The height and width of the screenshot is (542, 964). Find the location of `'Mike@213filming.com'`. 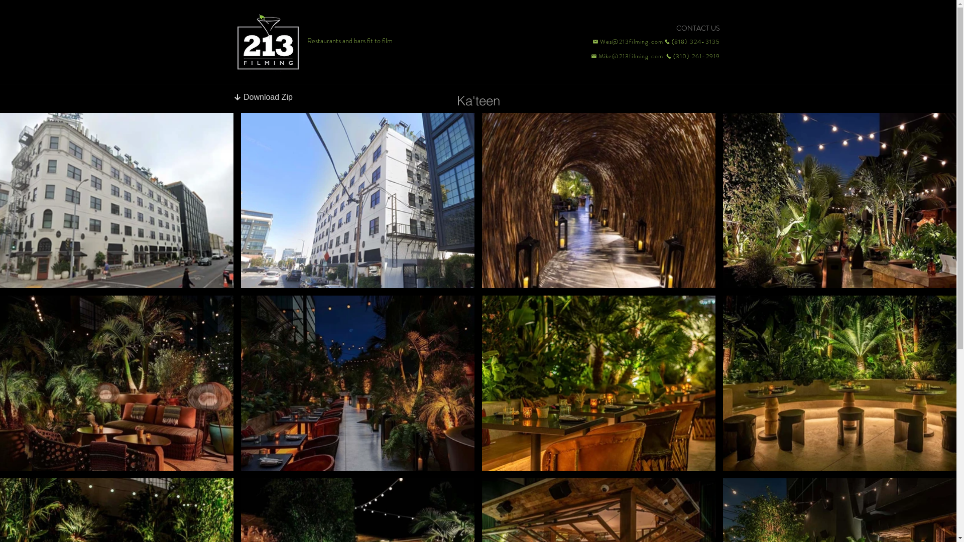

'Mike@213filming.com' is located at coordinates (586, 56).